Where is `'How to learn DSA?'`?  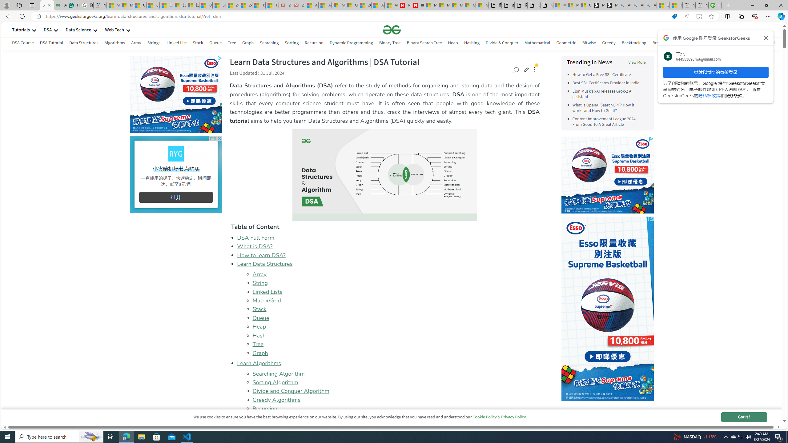
'How to learn DSA?' is located at coordinates (261, 255).